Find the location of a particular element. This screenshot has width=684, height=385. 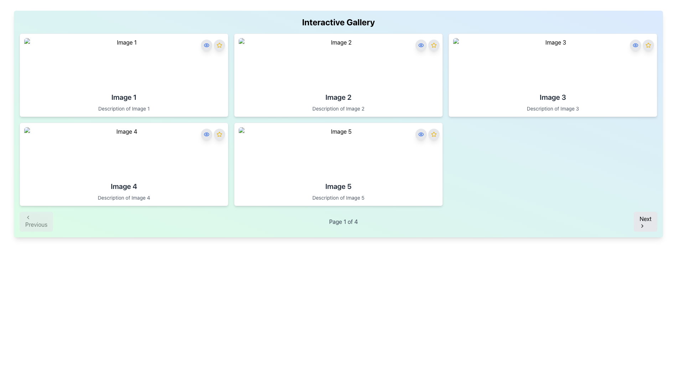

the eye-shaped icon inside the rounded rectangular button located in the upper-right corner of the box labeled 'Image 2' is located at coordinates (421, 45).